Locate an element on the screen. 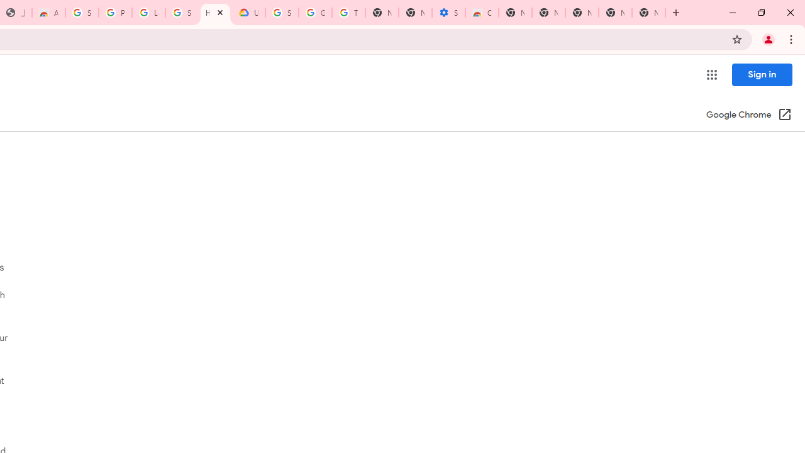 This screenshot has width=805, height=453. 'Turn cookies on or off - Computer - Google Account Help' is located at coordinates (348, 13).